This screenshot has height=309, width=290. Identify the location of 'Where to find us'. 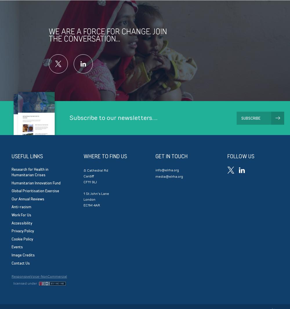
(105, 156).